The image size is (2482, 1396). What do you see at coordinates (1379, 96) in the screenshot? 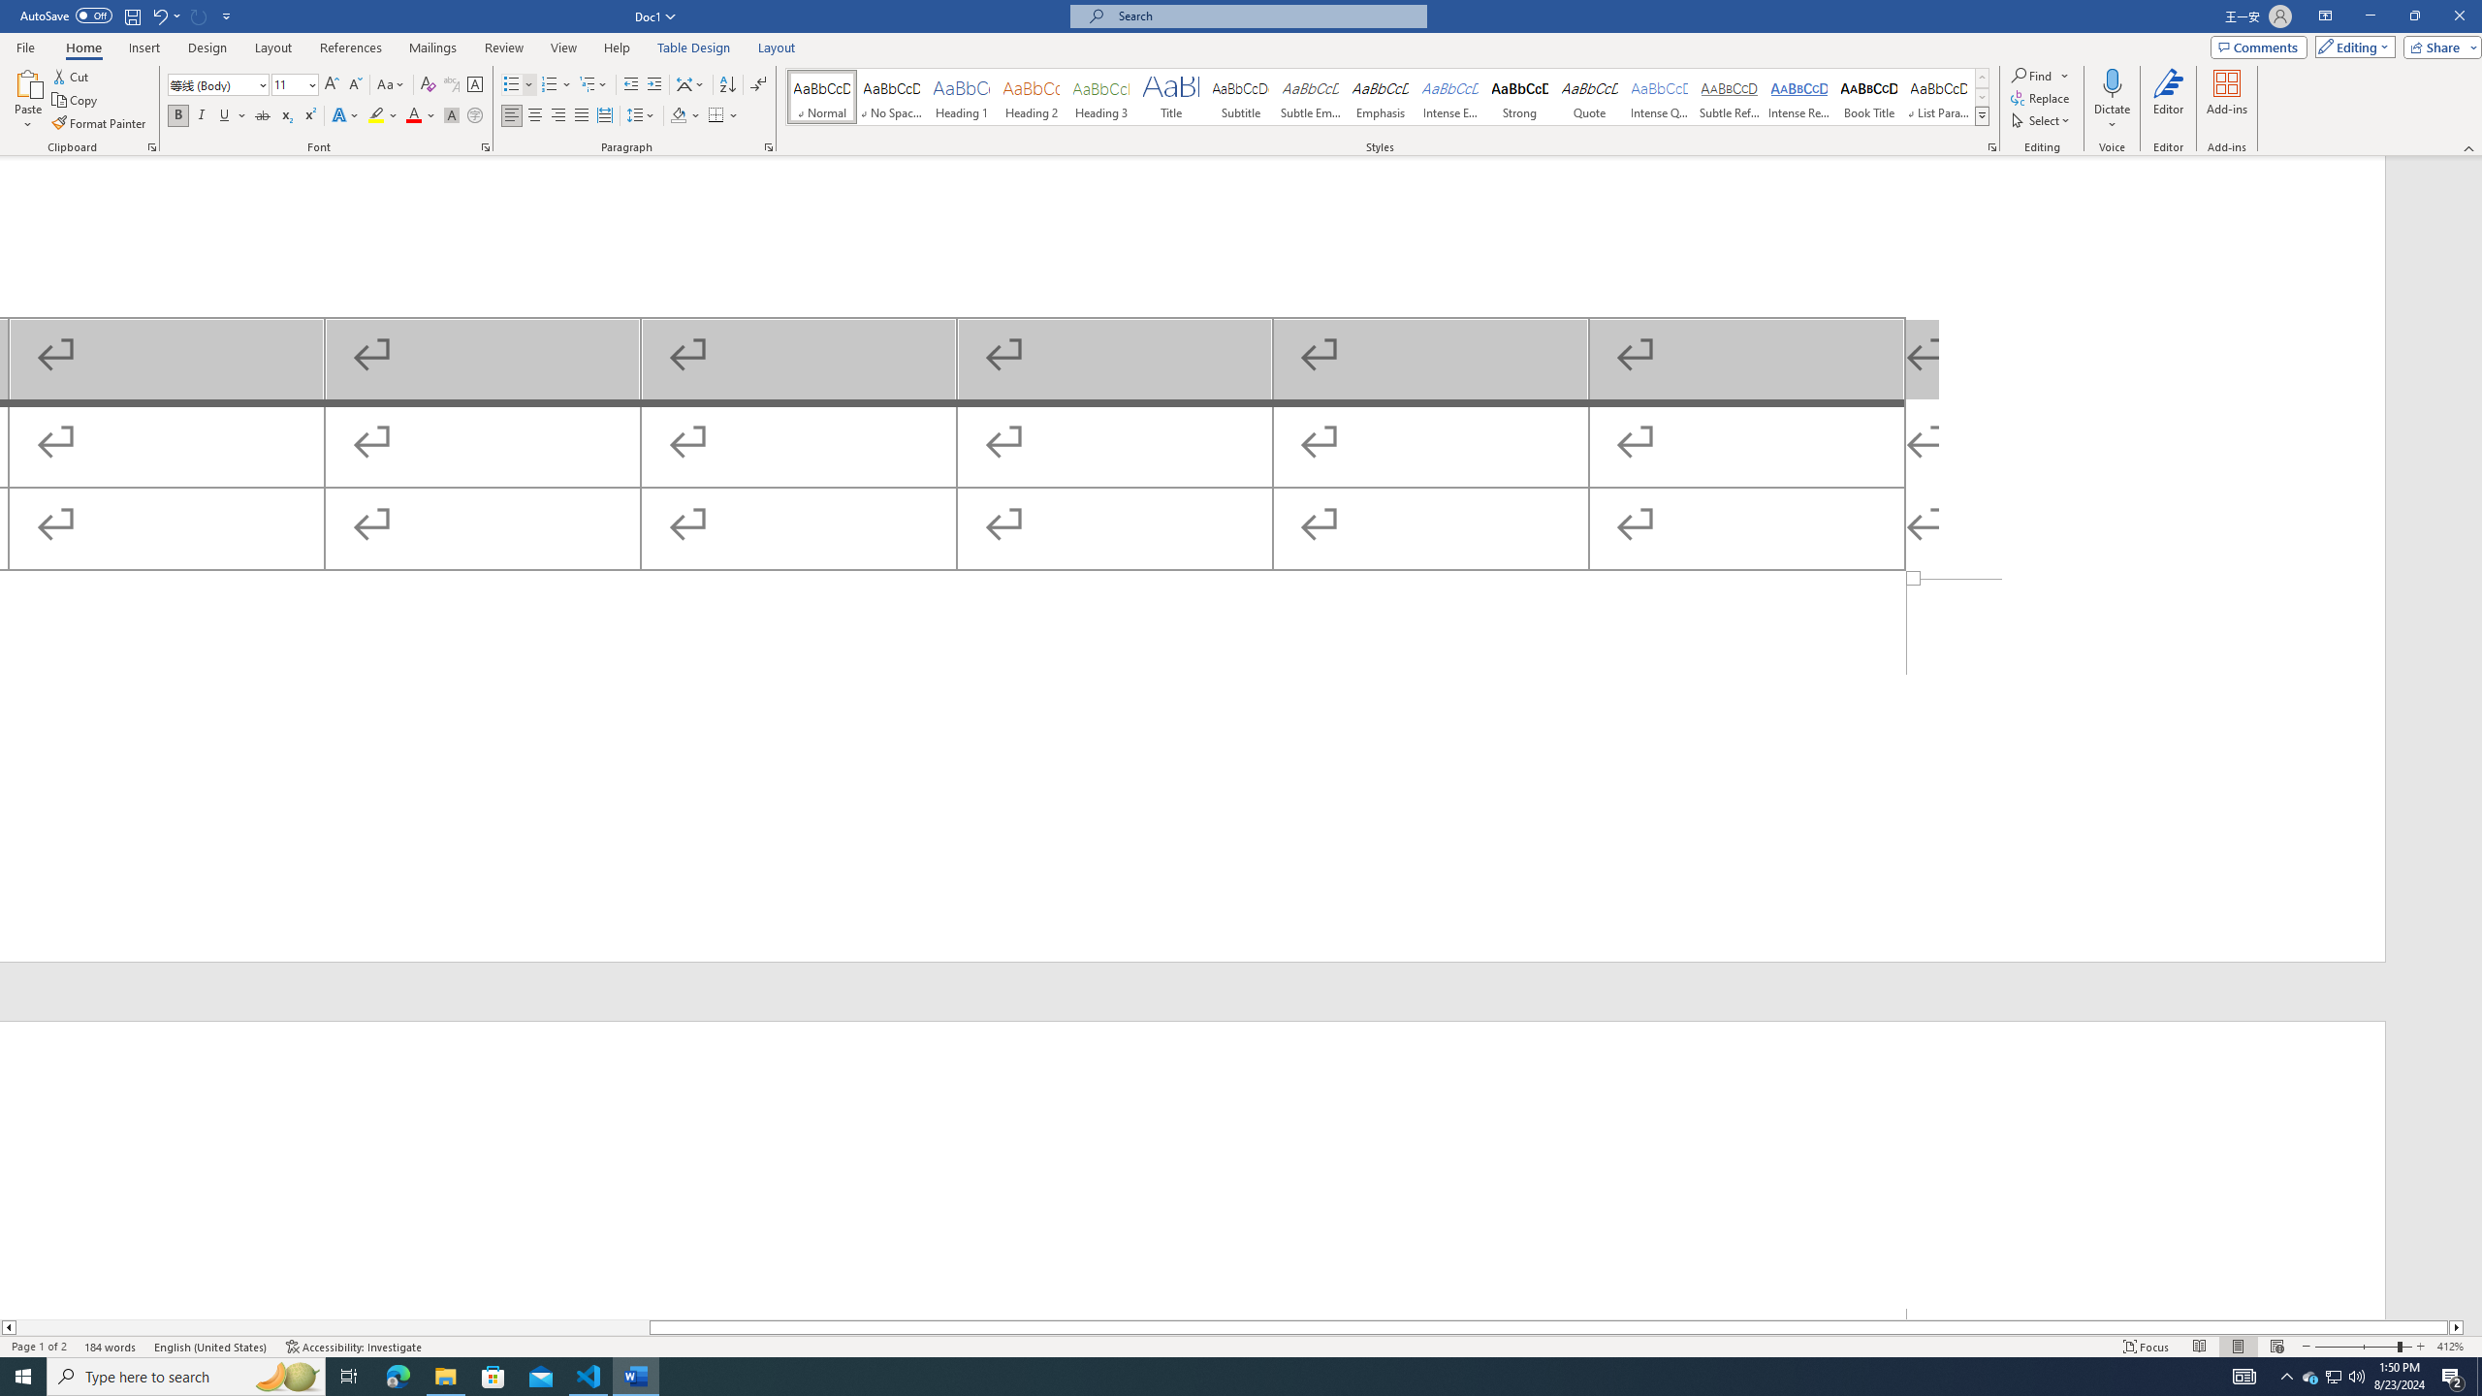
I see `'Emphasis'` at bounding box center [1379, 96].